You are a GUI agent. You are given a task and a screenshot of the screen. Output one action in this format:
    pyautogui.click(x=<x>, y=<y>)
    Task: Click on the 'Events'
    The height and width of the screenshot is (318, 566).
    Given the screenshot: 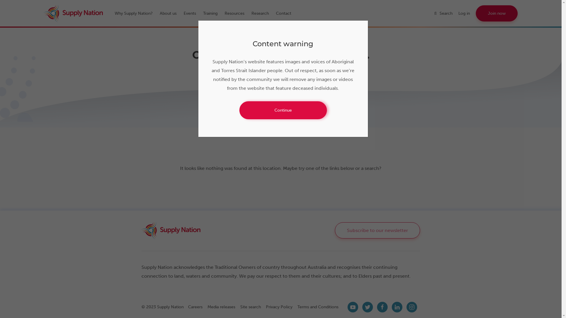 What is the action you would take?
    pyautogui.click(x=183, y=13)
    